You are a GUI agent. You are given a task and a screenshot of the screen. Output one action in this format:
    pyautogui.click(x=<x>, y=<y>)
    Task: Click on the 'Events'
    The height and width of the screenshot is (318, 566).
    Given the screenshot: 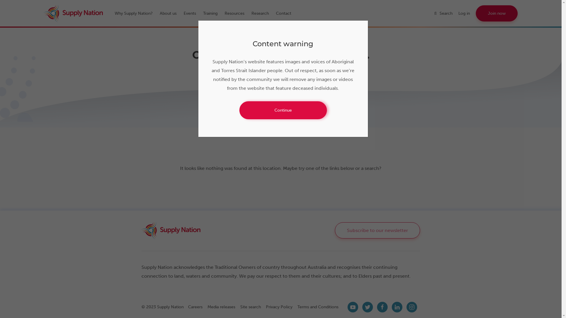 What is the action you would take?
    pyautogui.click(x=183, y=13)
    